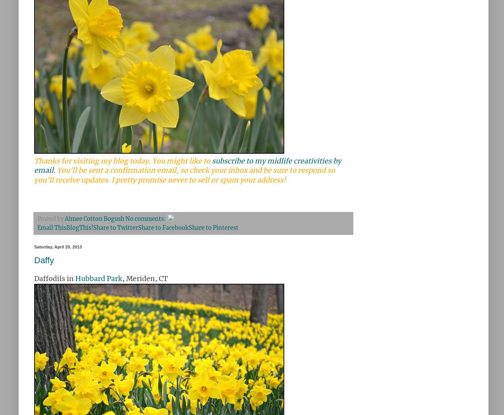  Describe the element at coordinates (163, 227) in the screenshot. I see `'Share to Facebook'` at that location.